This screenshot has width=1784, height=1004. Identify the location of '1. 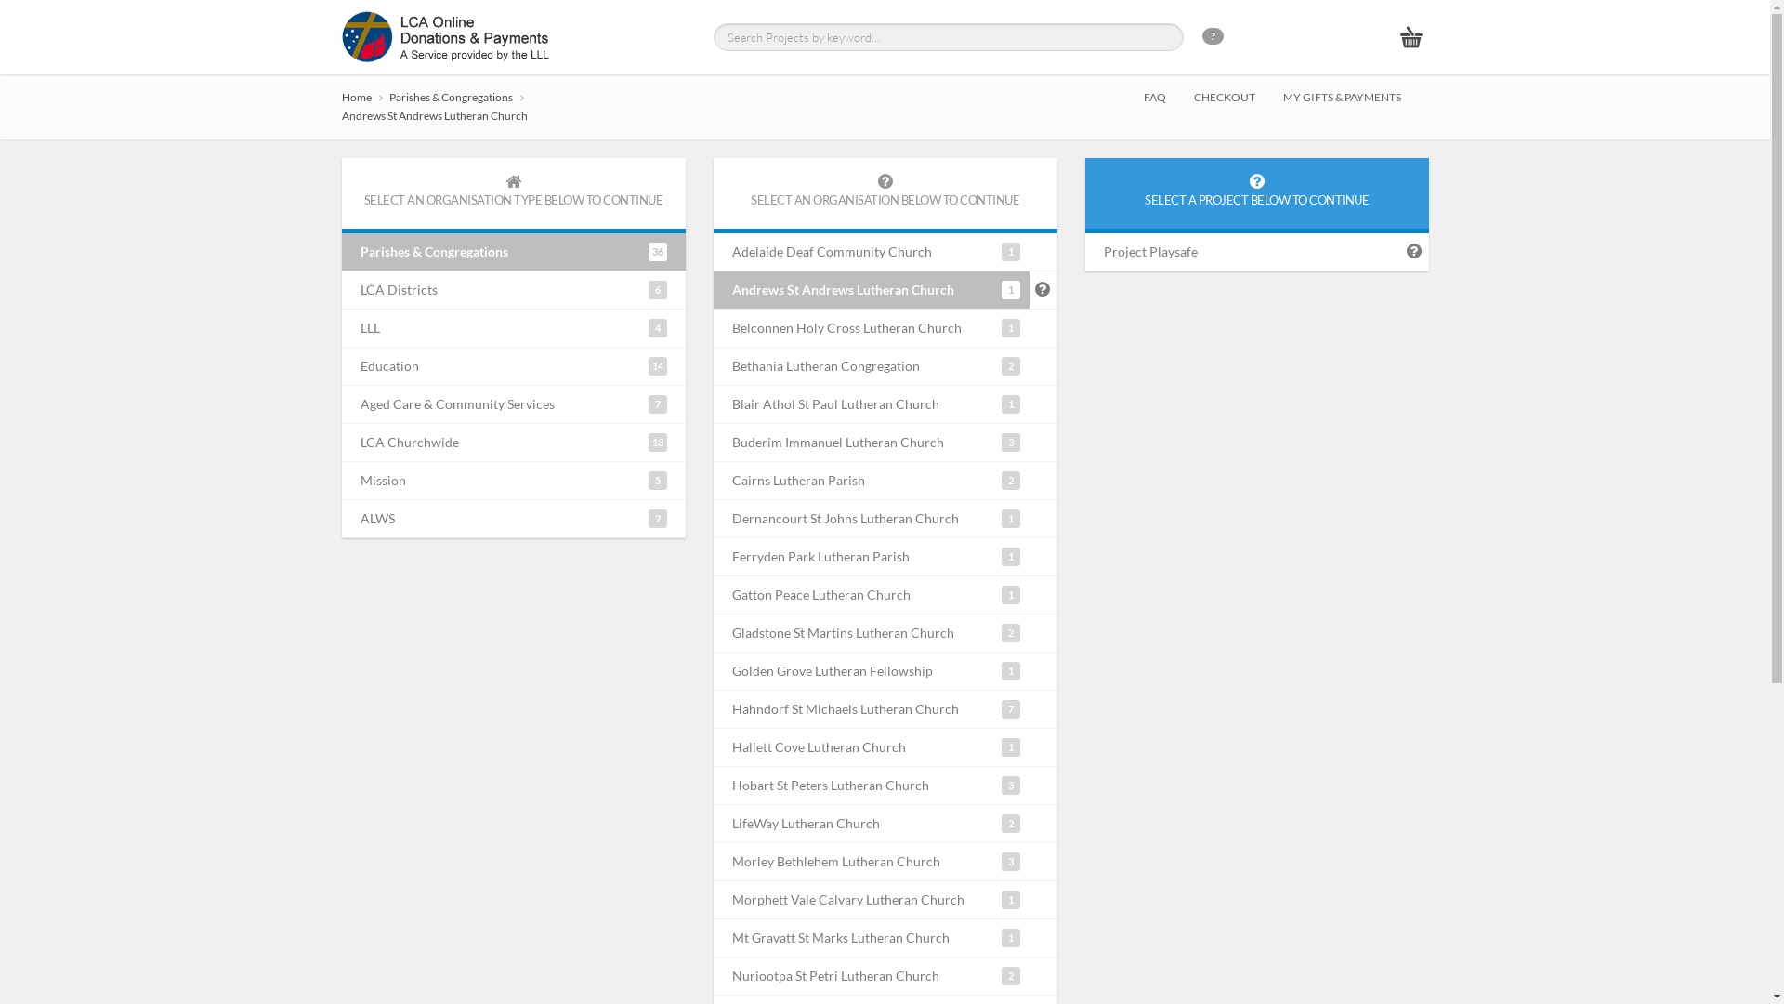
(870, 938).